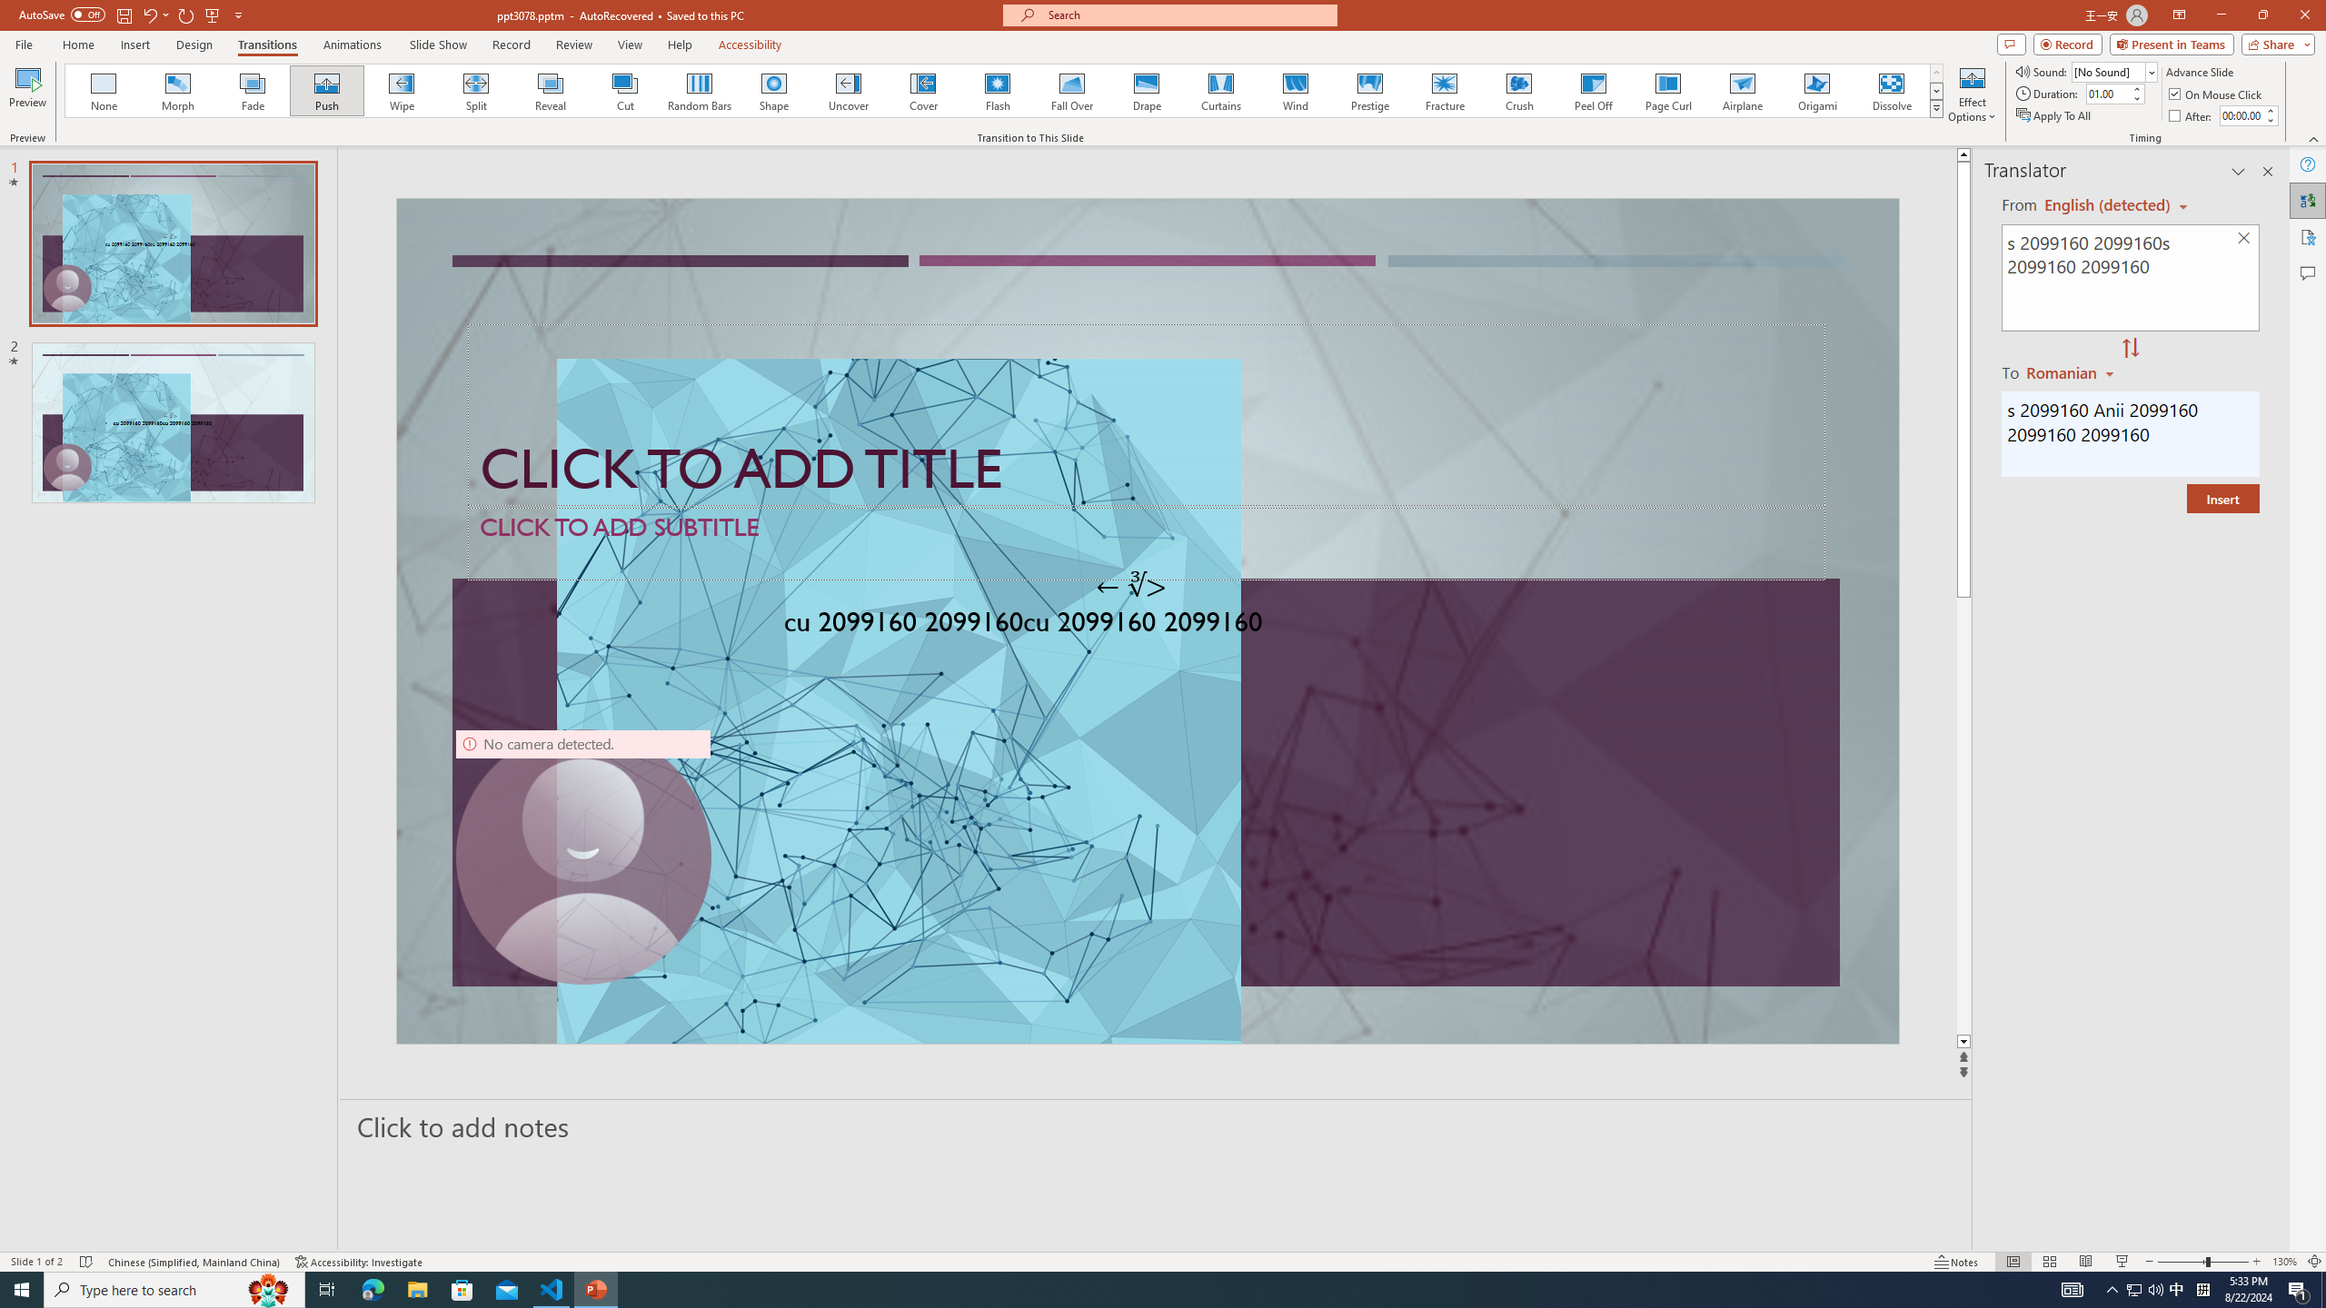  What do you see at coordinates (2071, 372) in the screenshot?
I see `'Romanian'` at bounding box center [2071, 372].